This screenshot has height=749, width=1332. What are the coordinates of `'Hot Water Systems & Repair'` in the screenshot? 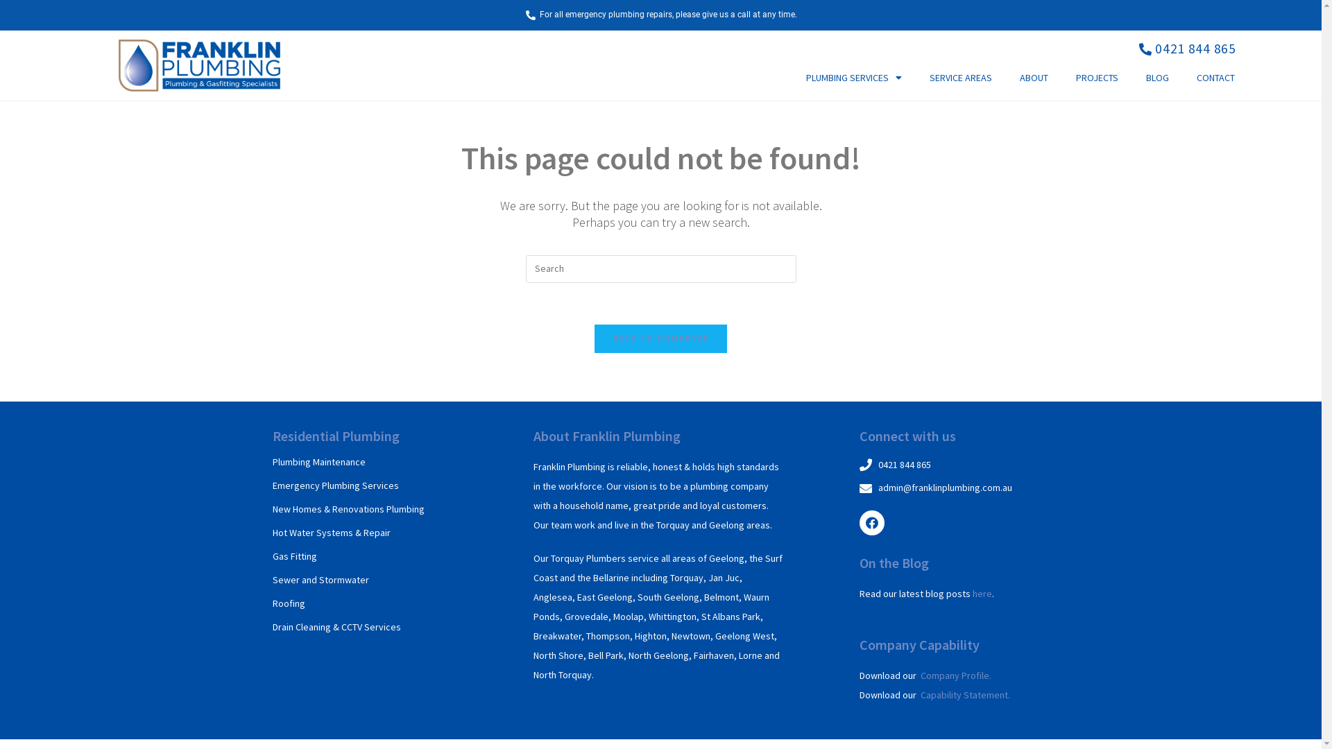 It's located at (330, 531).